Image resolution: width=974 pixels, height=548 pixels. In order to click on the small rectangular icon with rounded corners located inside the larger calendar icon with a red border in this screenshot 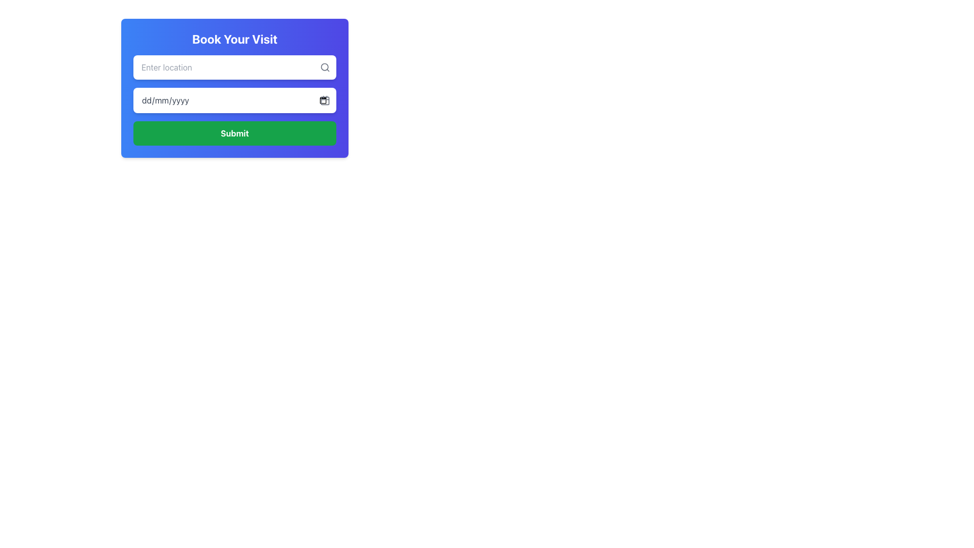, I will do `click(325, 100)`.